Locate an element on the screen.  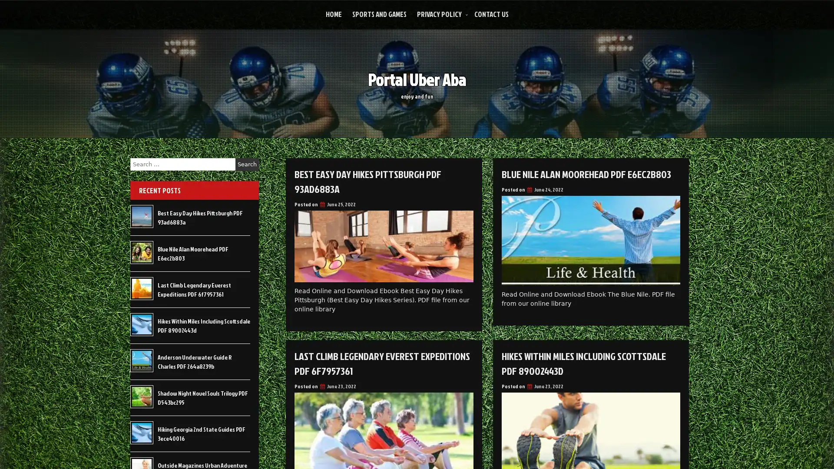
Search is located at coordinates (247, 164).